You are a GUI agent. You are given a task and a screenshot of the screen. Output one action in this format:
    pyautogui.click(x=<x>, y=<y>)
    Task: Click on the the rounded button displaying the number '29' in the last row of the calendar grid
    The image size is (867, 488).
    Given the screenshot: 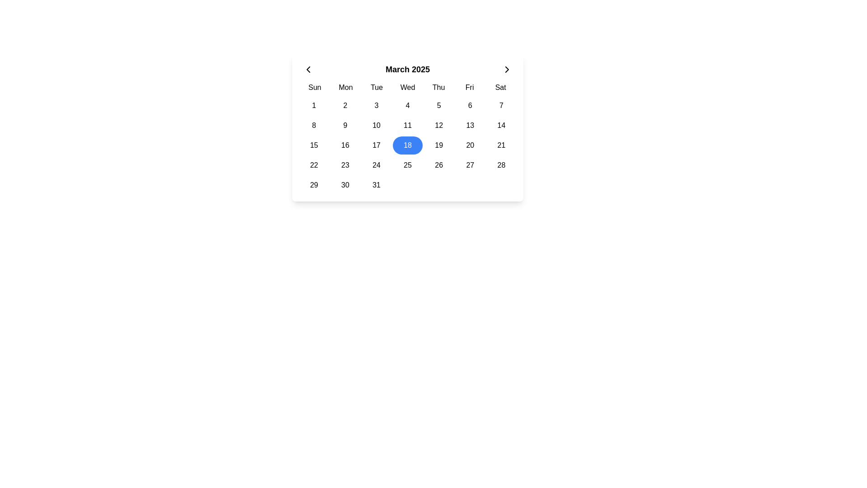 What is the action you would take?
    pyautogui.click(x=314, y=184)
    